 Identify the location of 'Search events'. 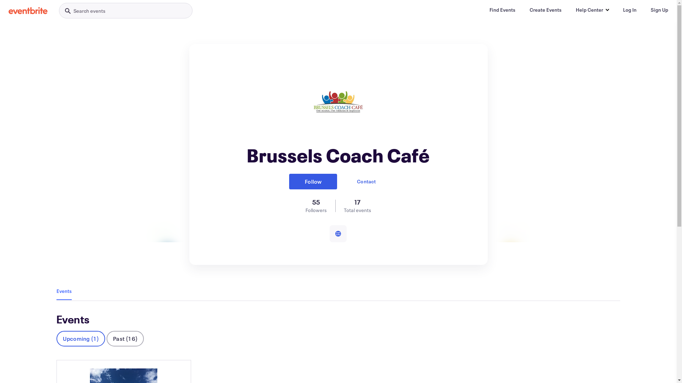
(126, 11).